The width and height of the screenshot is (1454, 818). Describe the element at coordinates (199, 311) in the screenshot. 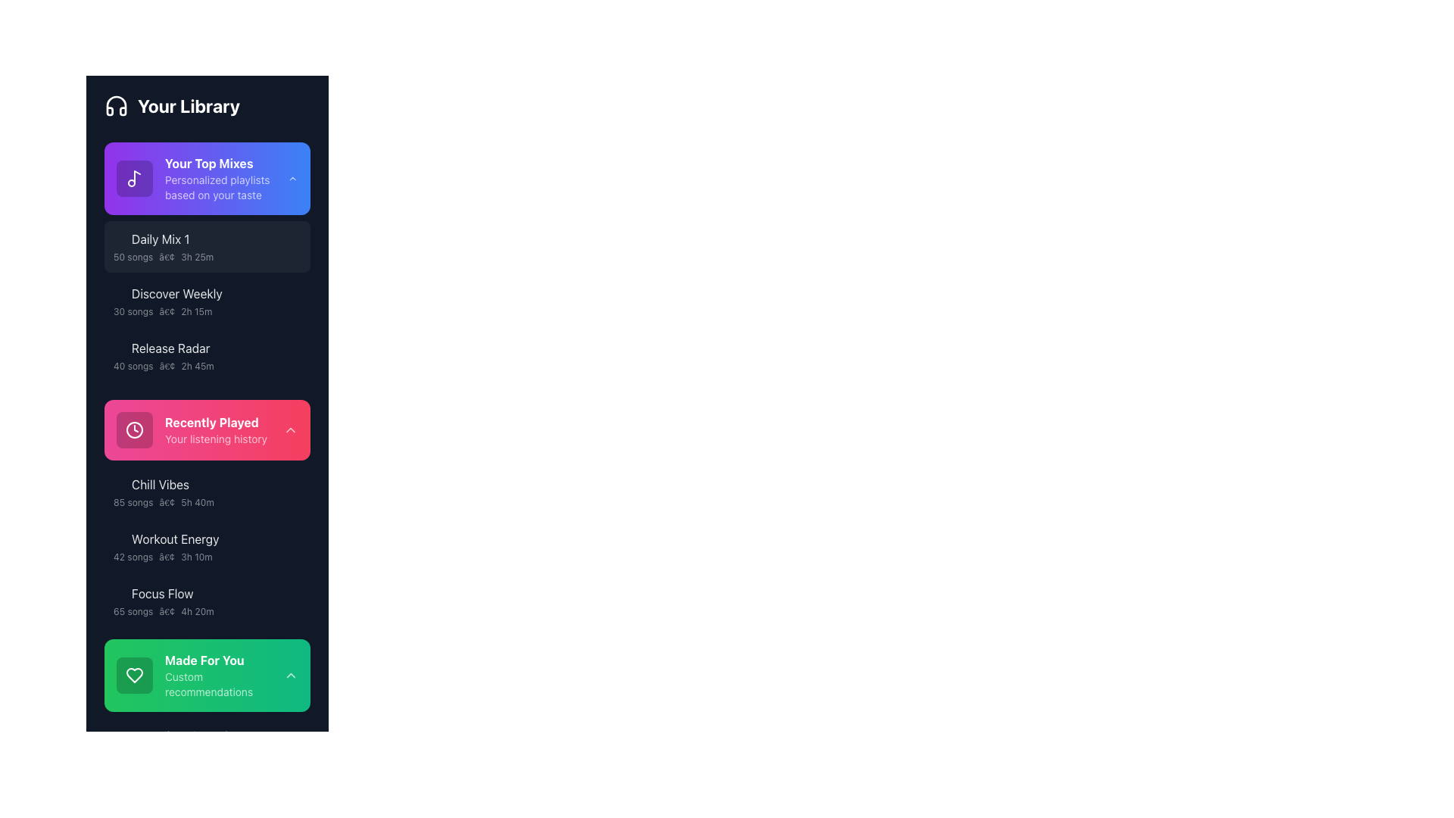

I see `text label displaying '30 songs • 2h 15m' which is located beneath the 'Discover Weekly' header in a small, semi-transparent white font` at that location.